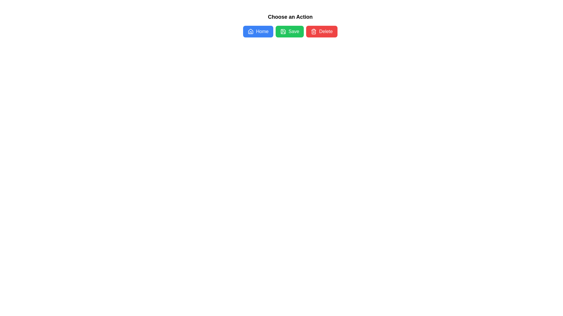 This screenshot has height=316, width=563. I want to click on the 'Save' button with a green background and white rounded corners, so click(290, 32).